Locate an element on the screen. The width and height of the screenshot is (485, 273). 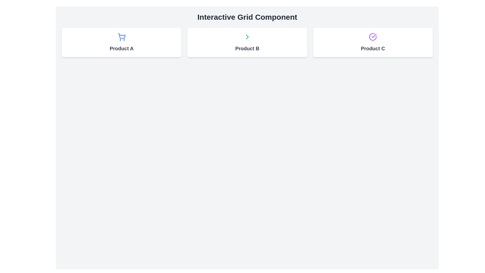
the checkmark icon with a purple outline, which symbolizes confirmation, located within the 'Product C' card on the rightmost side of the grid is located at coordinates (374, 36).